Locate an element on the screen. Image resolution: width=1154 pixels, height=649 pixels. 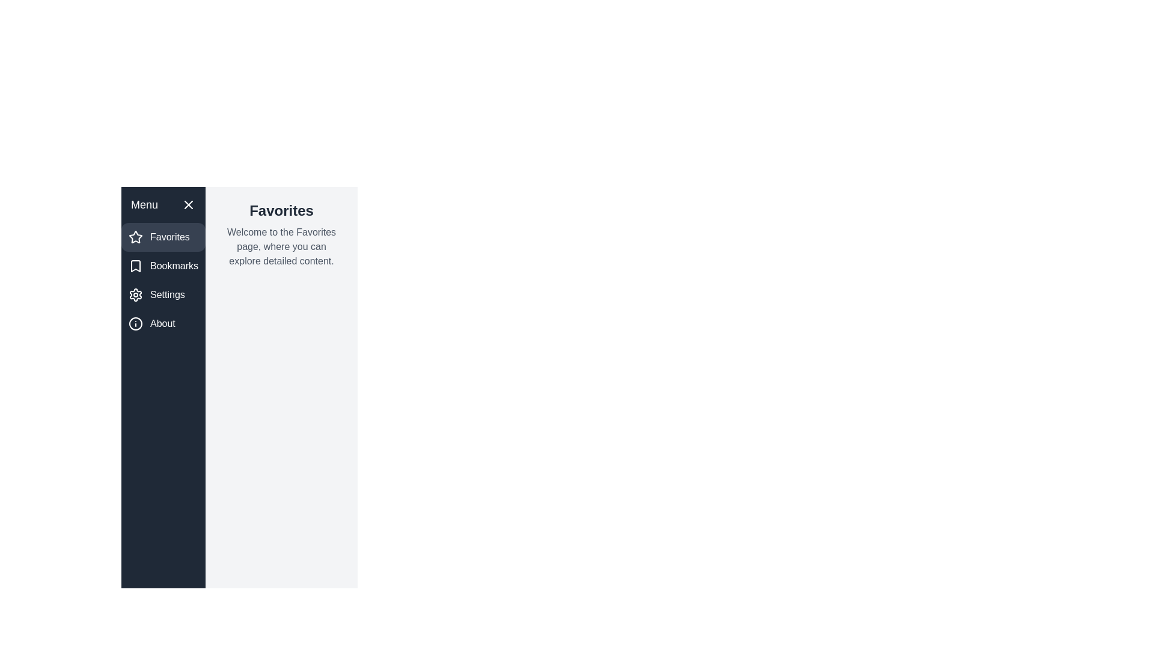
the 'Favorites' text label in the left vertical navigation bar, which is positioned adjacent to a star icon is located at coordinates (169, 237).